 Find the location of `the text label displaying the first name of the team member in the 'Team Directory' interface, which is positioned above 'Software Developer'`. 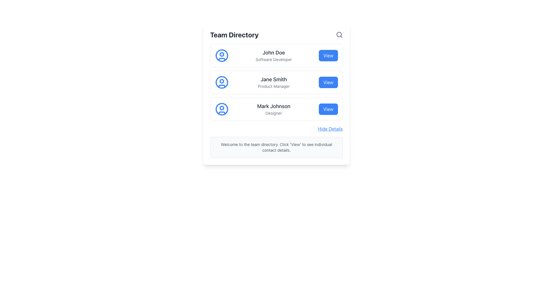

the text label displaying the first name of the team member in the 'Team Directory' interface, which is positioned above 'Software Developer' is located at coordinates (273, 53).